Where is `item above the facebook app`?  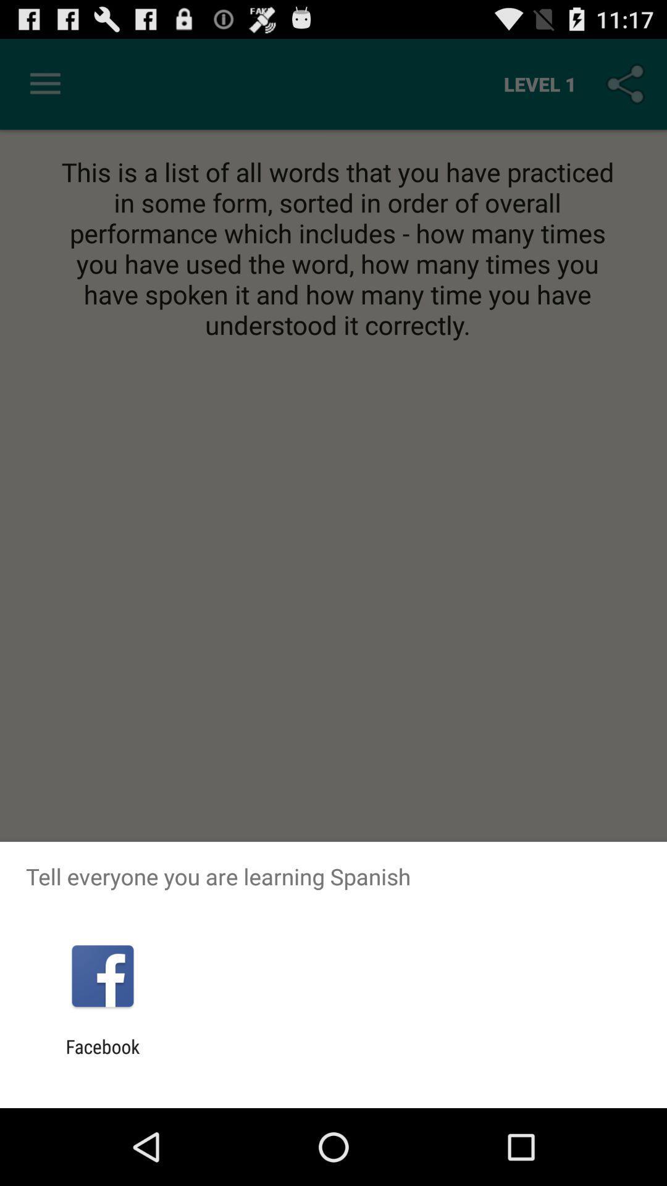 item above the facebook app is located at coordinates (102, 975).